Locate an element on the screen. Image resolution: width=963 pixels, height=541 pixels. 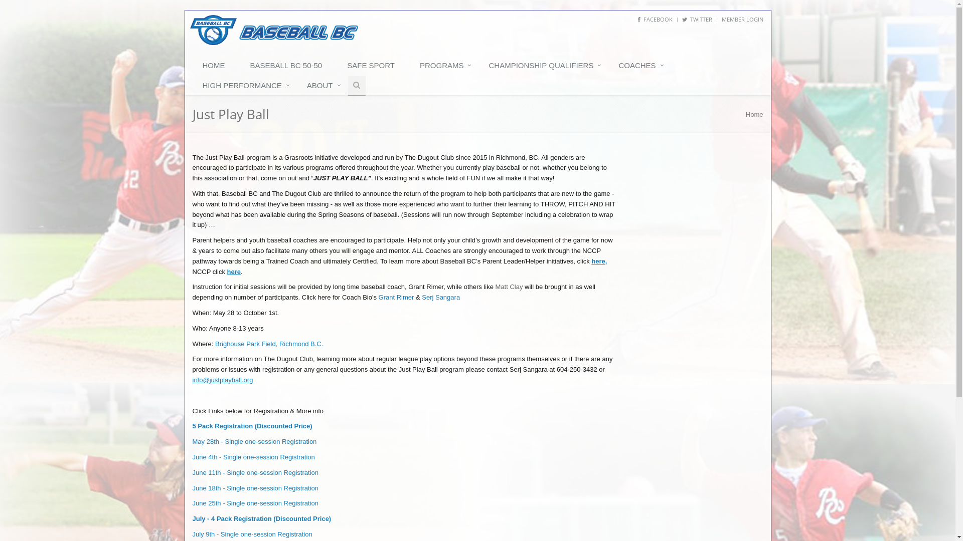
'June 18th - Single one-session Registration' is located at coordinates (193, 487).